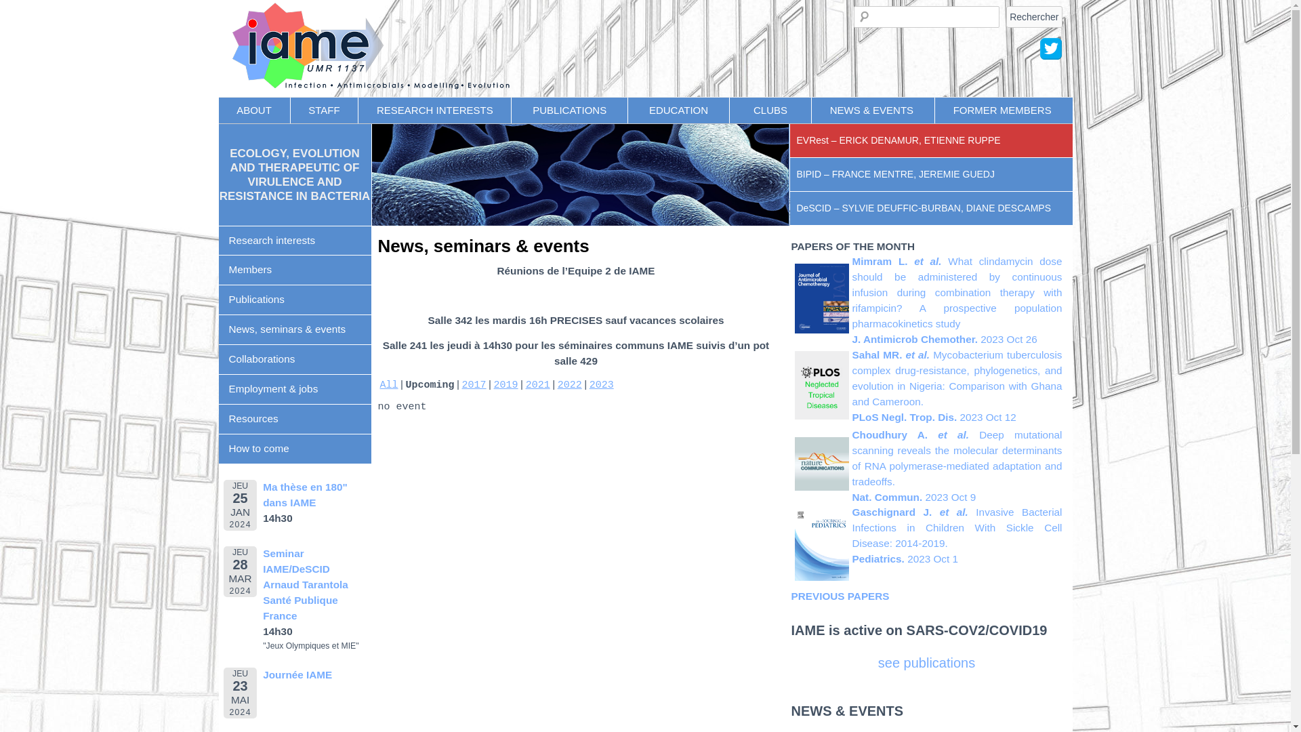  What do you see at coordinates (293, 389) in the screenshot?
I see `'Employment & jobs'` at bounding box center [293, 389].